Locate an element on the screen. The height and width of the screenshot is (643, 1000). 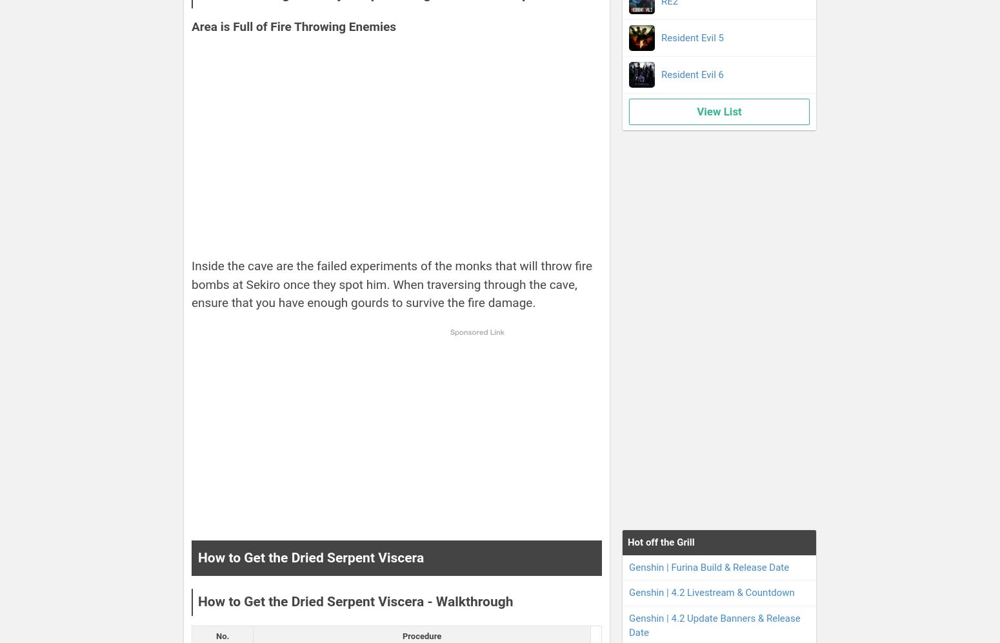
'How to Get the Dried Serpent Viscera - Walkthrough' is located at coordinates (355, 601).